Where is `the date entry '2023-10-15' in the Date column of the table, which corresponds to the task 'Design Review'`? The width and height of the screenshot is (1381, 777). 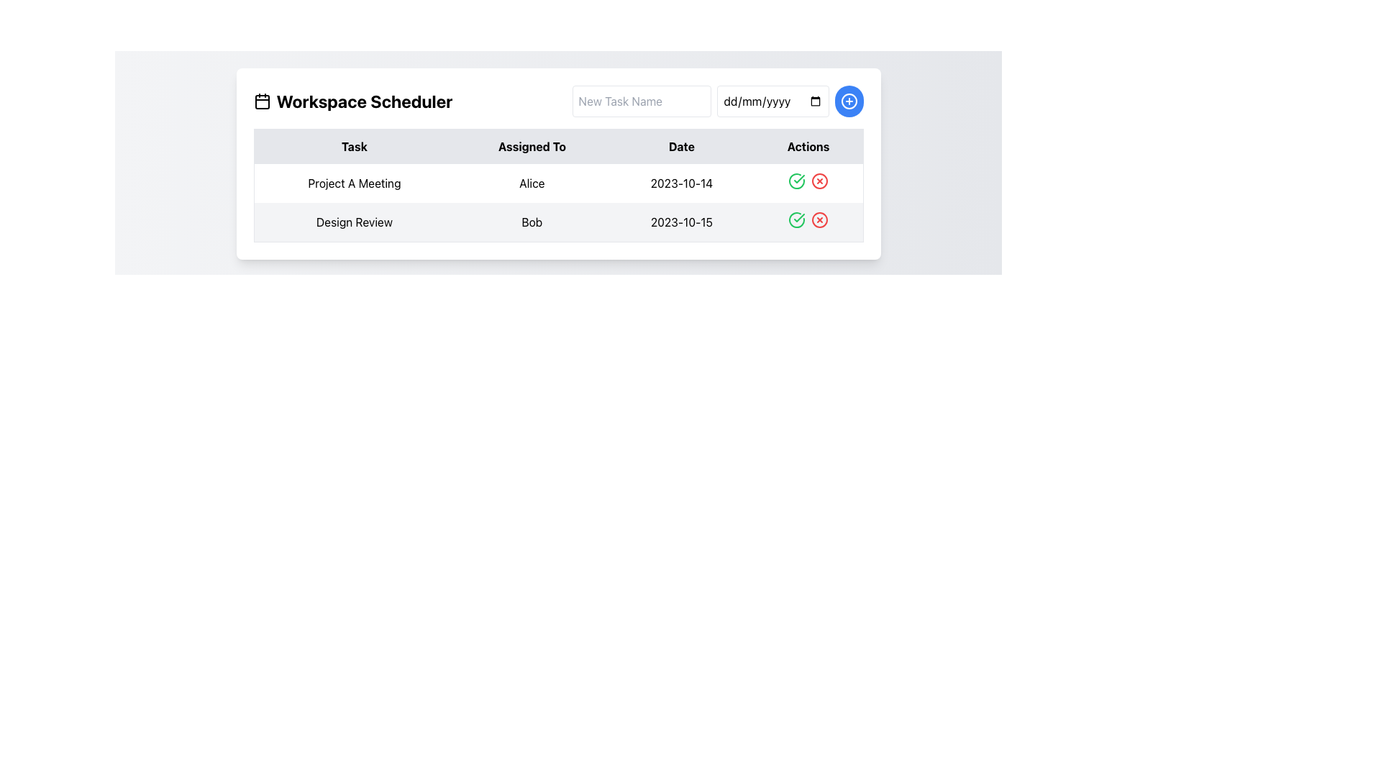
the date entry '2023-10-15' in the Date column of the table, which corresponds to the task 'Design Review' is located at coordinates (680, 222).